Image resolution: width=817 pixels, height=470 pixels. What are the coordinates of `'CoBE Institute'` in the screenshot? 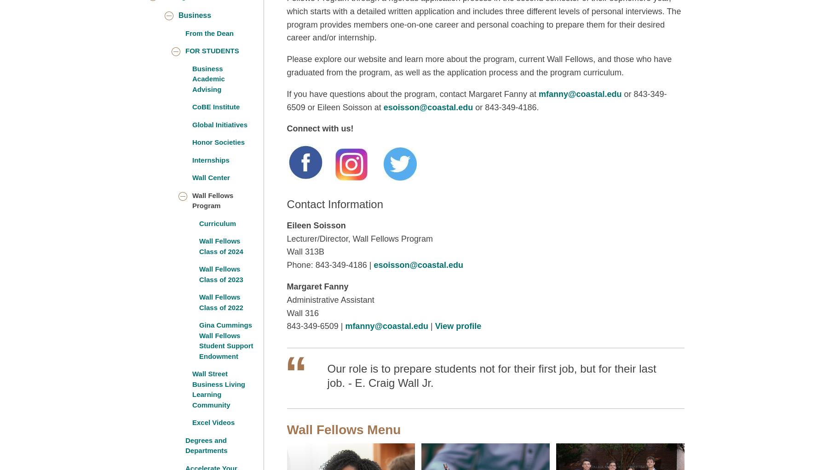 It's located at (215, 106).